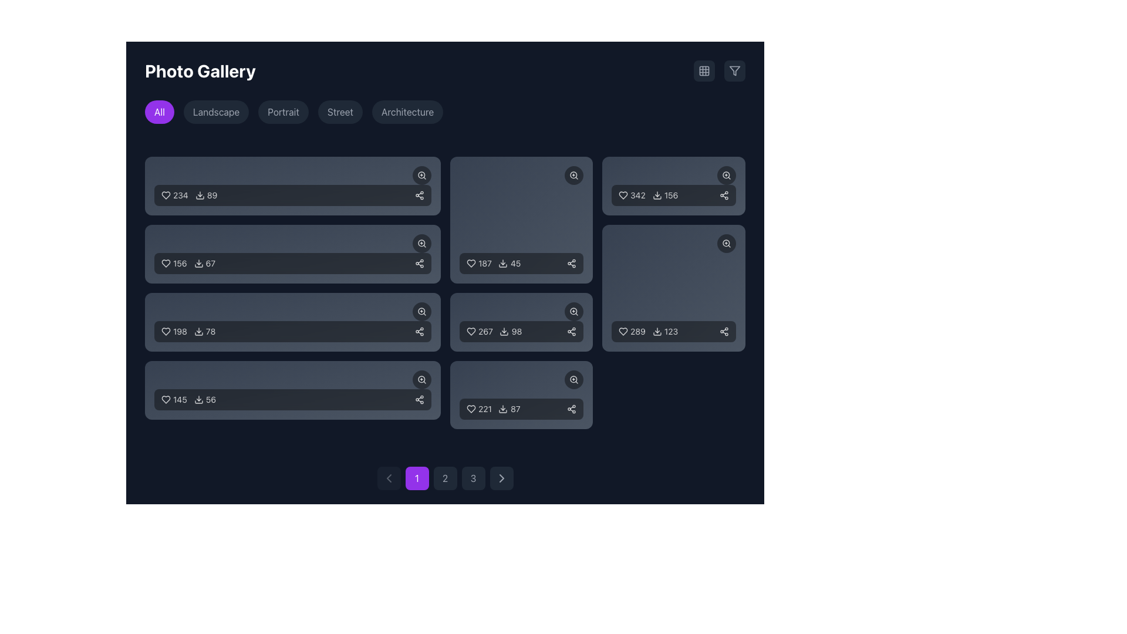  What do you see at coordinates (180, 331) in the screenshot?
I see `the text element displaying the number '198', which is styled in white text with slight transparency and is part of a visual group adjacent to a heart icon` at bounding box center [180, 331].